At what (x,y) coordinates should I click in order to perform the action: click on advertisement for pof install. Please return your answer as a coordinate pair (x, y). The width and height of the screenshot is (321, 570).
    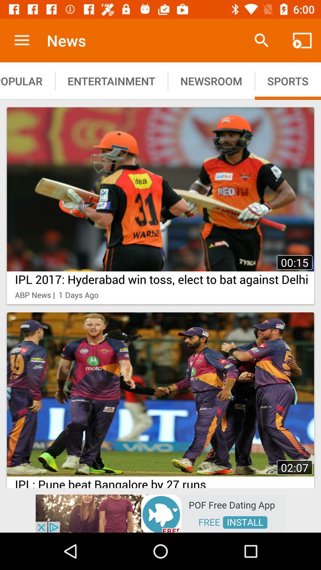
    Looking at the image, I should click on (160, 513).